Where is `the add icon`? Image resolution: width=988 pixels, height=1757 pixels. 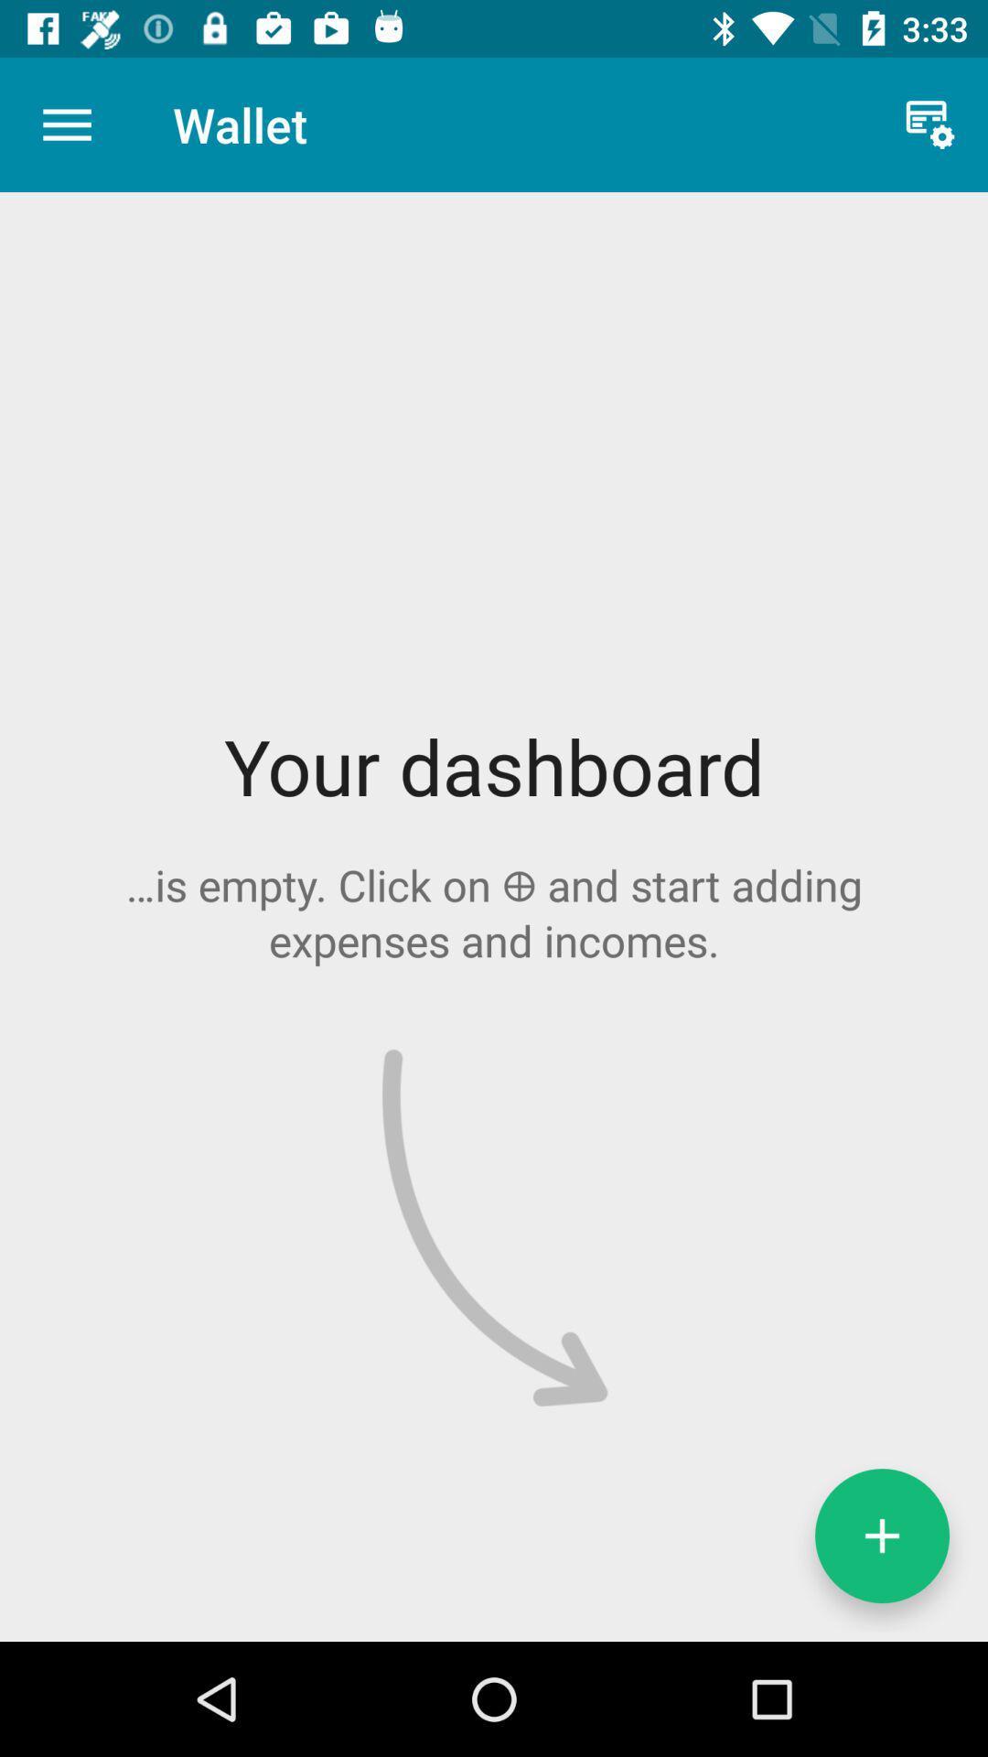
the add icon is located at coordinates (881, 1536).